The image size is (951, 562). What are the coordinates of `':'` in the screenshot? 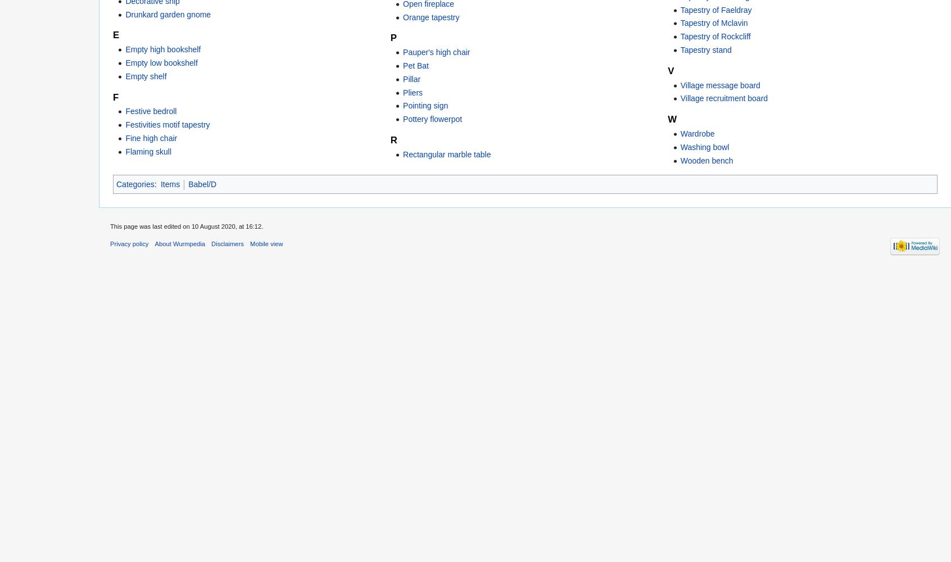 It's located at (156, 184).